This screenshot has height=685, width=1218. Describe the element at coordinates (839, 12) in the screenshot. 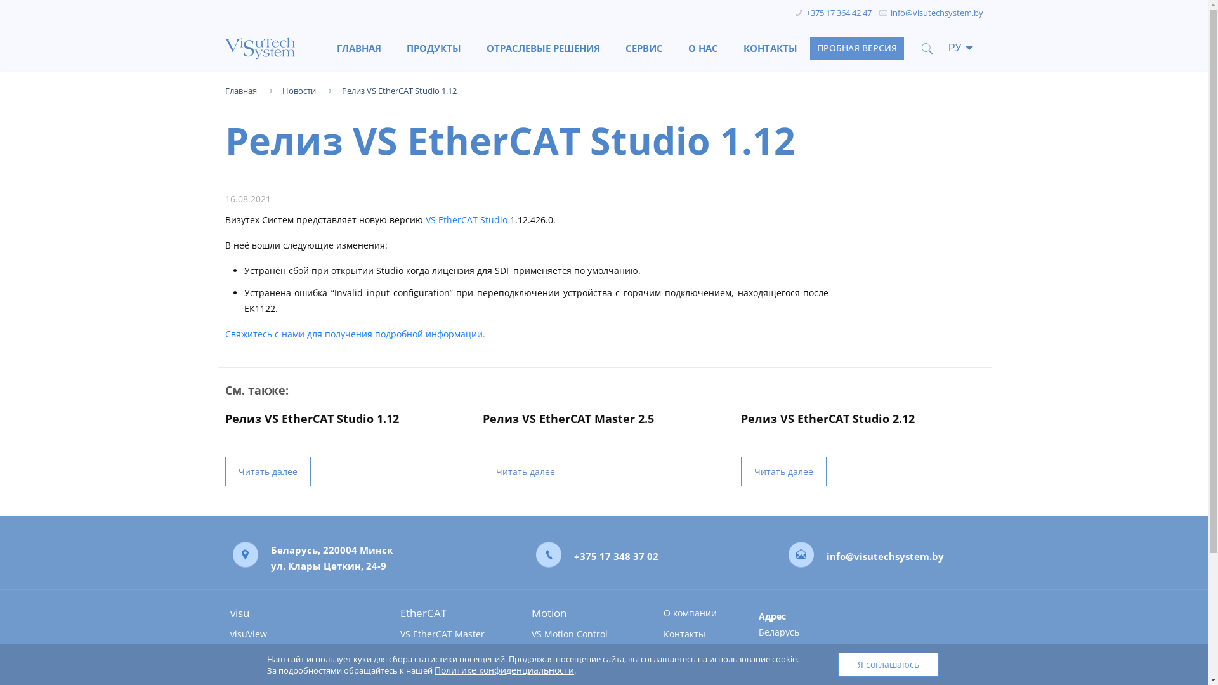

I see `'+375 17 364 42 47'` at that location.